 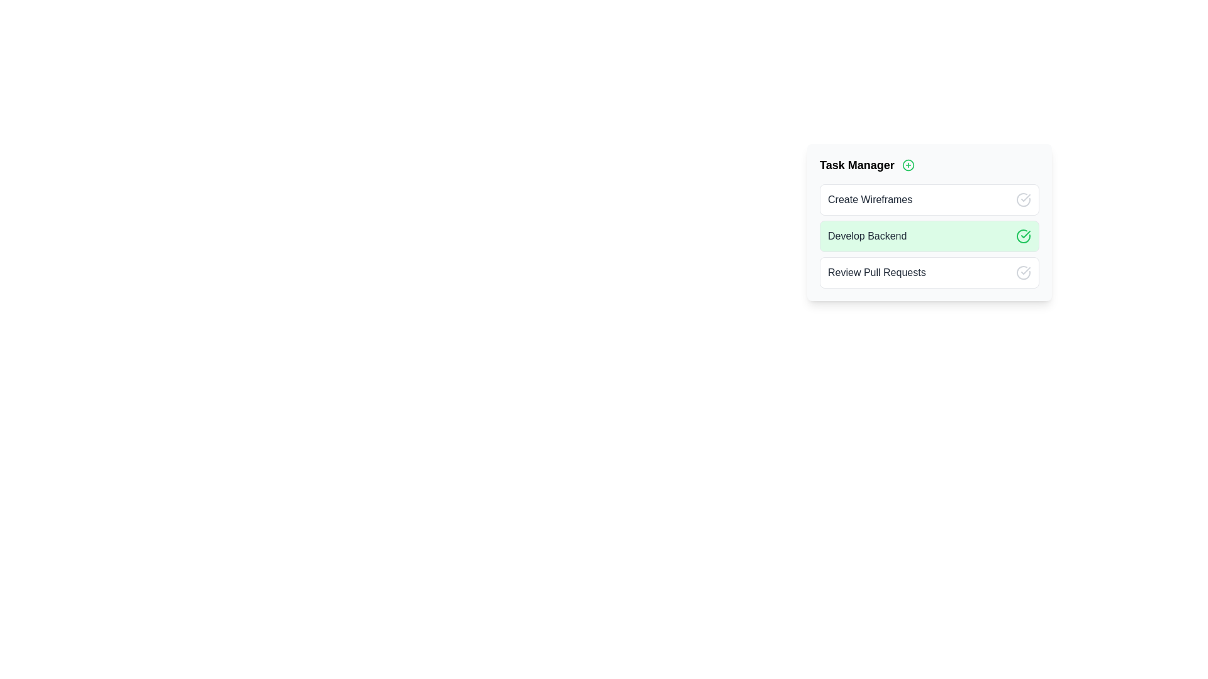 I want to click on the circular checkbox icon with a green checkmark, so click(x=1024, y=236).